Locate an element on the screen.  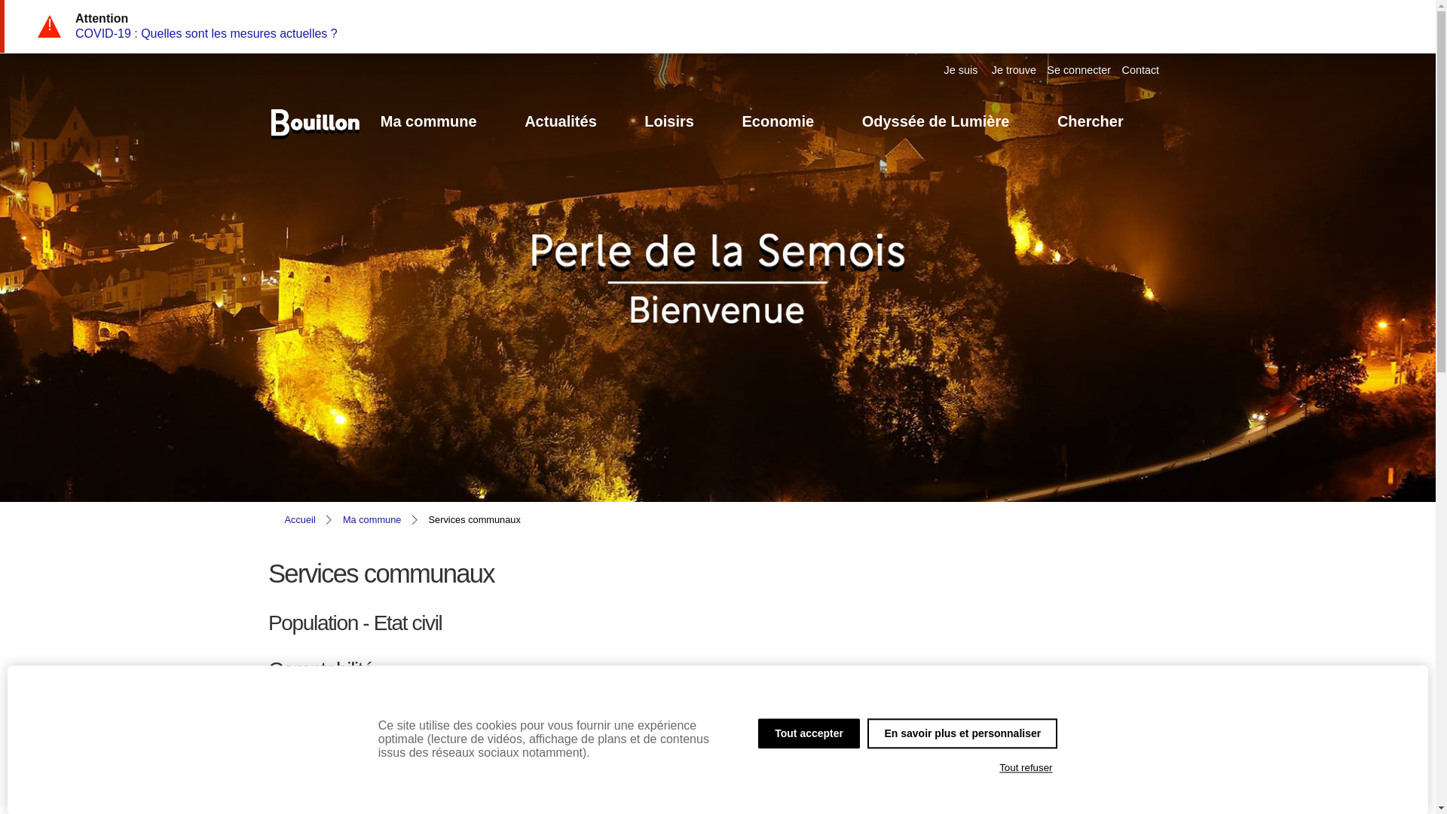
'Accueil' is located at coordinates (300, 519).